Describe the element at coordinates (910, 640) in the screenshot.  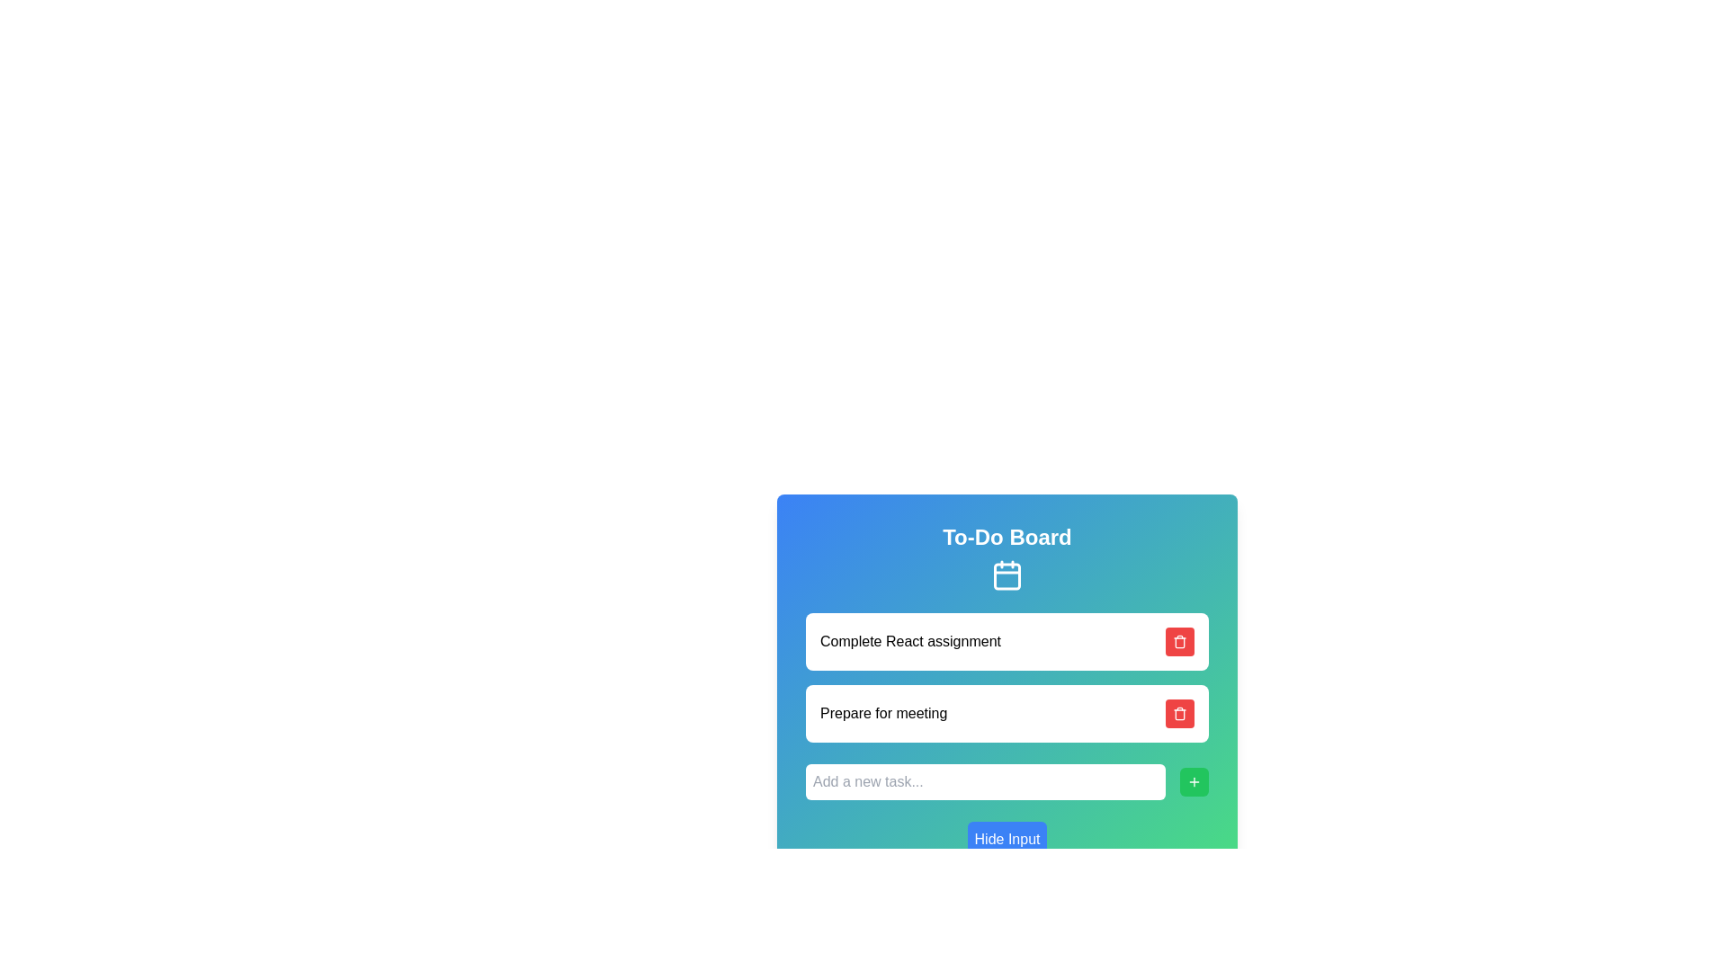
I see `the text element reading 'Complete React assignment' located in the upper task list section of the 'To-Do Board' interface` at that location.